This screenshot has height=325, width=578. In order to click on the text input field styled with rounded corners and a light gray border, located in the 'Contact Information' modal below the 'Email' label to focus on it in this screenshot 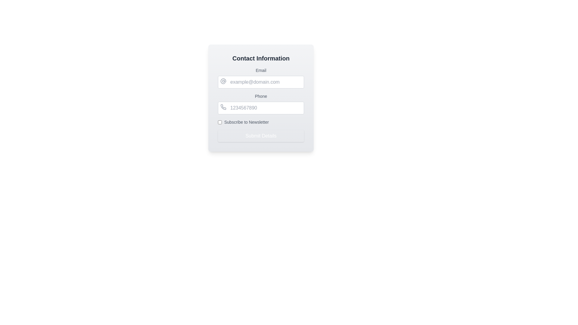, I will do `click(261, 82)`.